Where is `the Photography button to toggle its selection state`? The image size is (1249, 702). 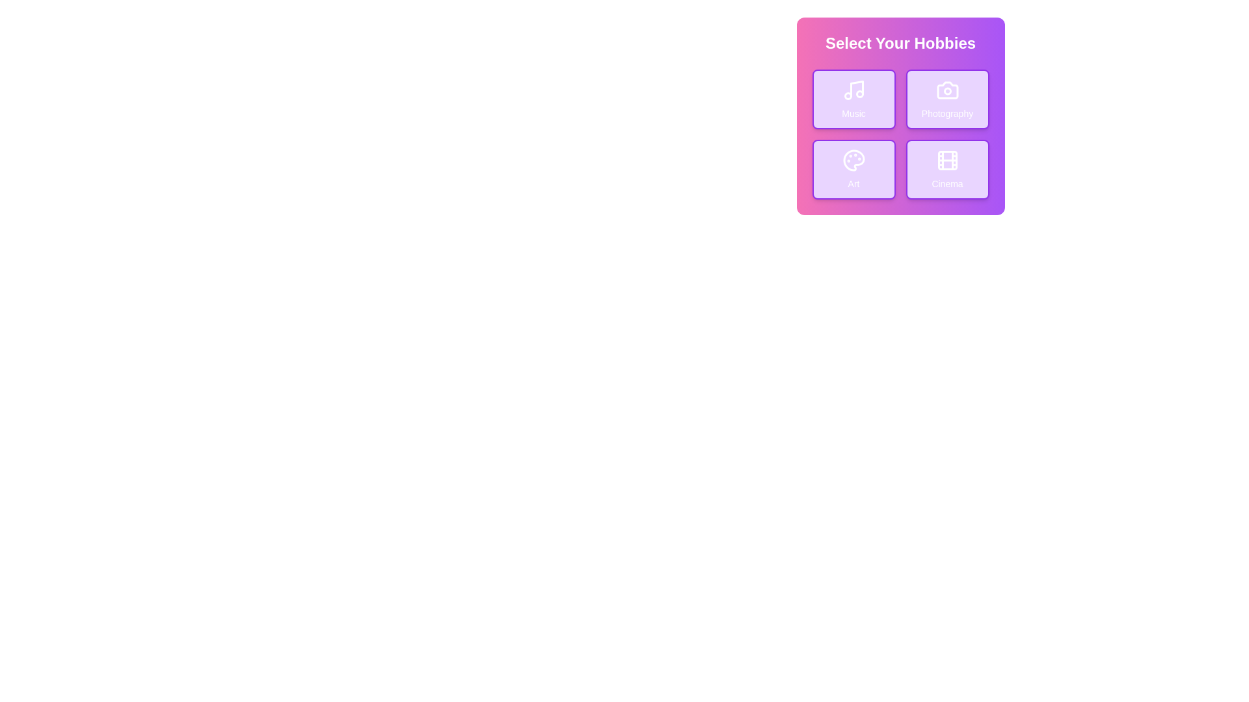
the Photography button to toggle its selection state is located at coordinates (947, 99).